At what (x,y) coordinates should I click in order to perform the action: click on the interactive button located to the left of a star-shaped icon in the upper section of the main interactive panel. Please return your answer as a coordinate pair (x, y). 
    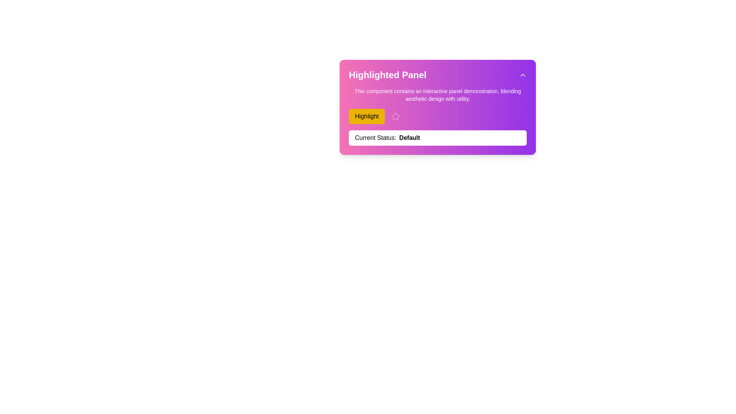
    Looking at the image, I should click on (366, 117).